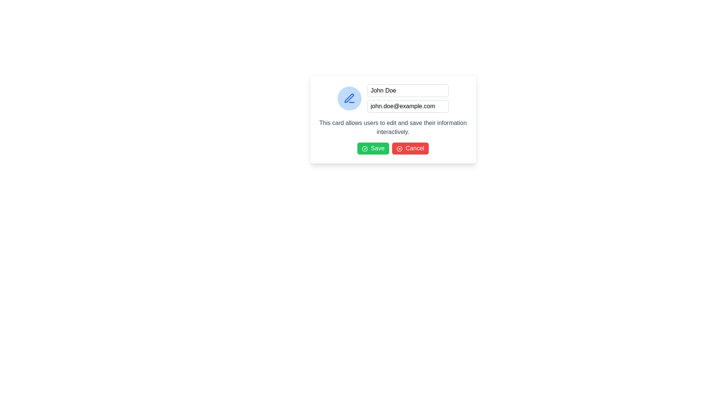 This screenshot has height=403, width=717. What do you see at coordinates (392, 148) in the screenshot?
I see `the 'Cancel' button in the Button group located at the bottom of the card layout to discard changes` at bounding box center [392, 148].